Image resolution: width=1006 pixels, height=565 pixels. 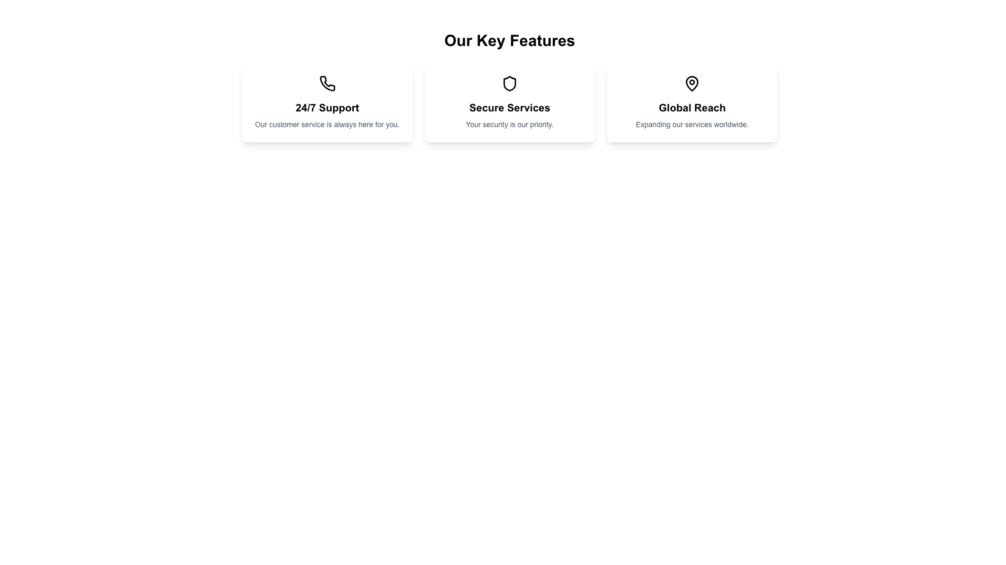 I want to click on the map pin icon located at the top-center of the card titled 'Global Reach', which features a hollow circle and sharp black lines, so click(x=692, y=83).